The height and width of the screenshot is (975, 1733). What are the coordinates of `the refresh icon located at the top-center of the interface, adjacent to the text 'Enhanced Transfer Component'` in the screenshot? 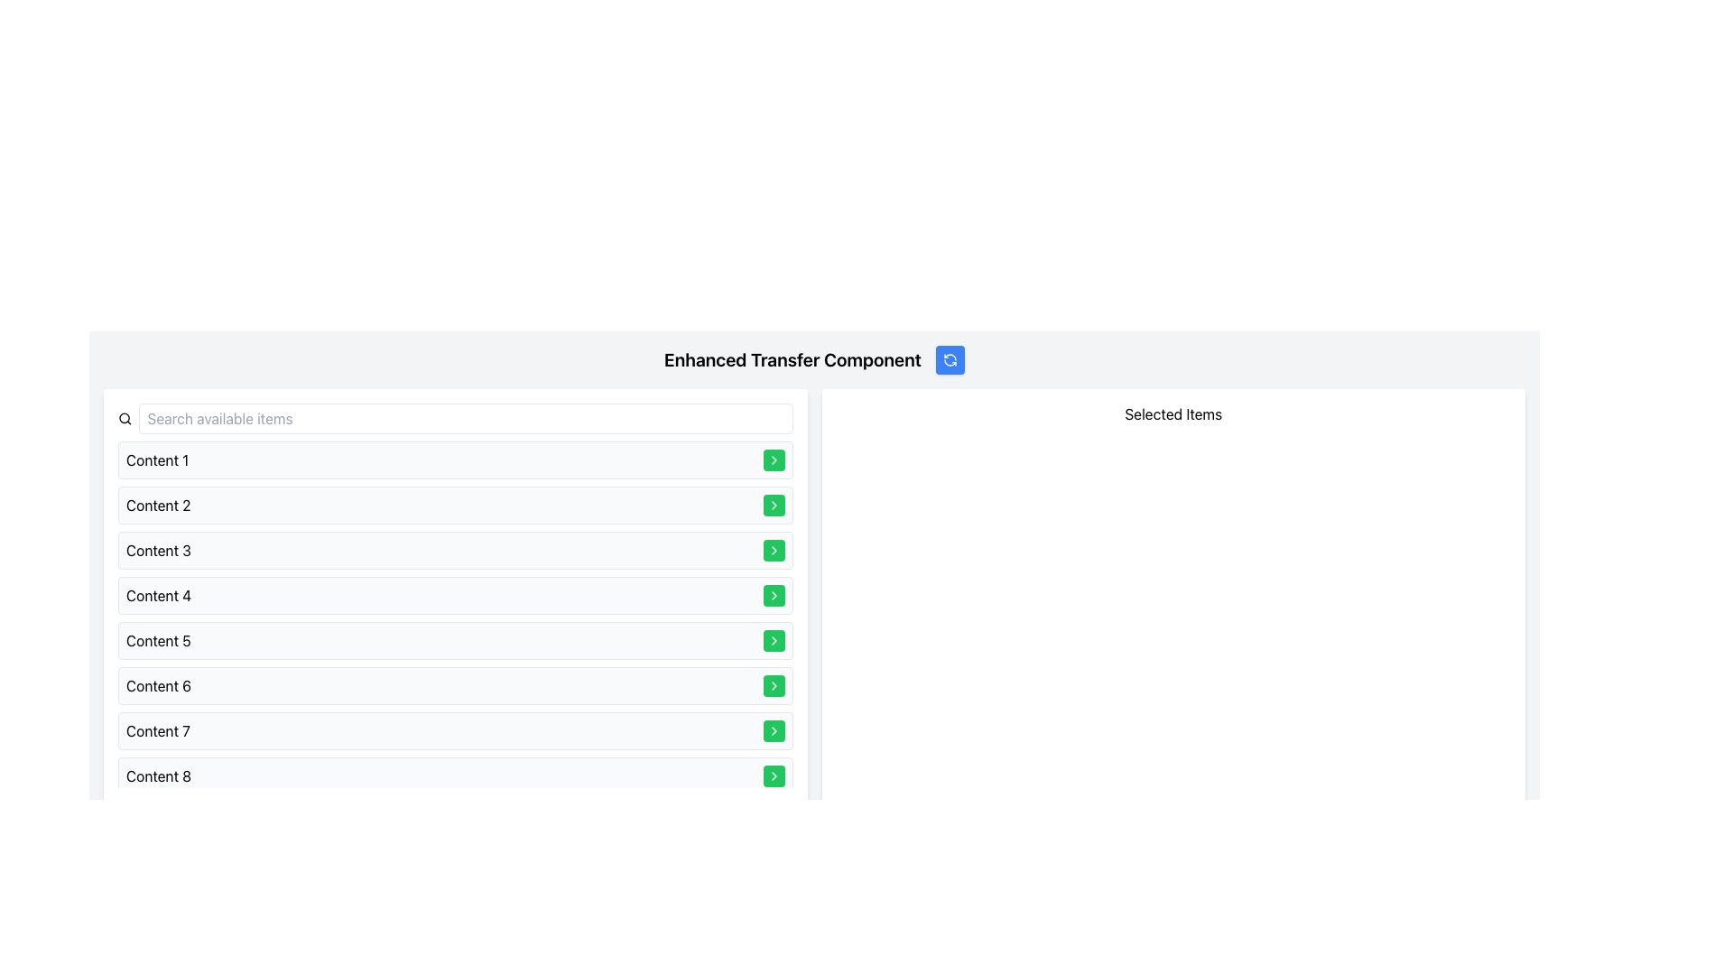 It's located at (949, 359).